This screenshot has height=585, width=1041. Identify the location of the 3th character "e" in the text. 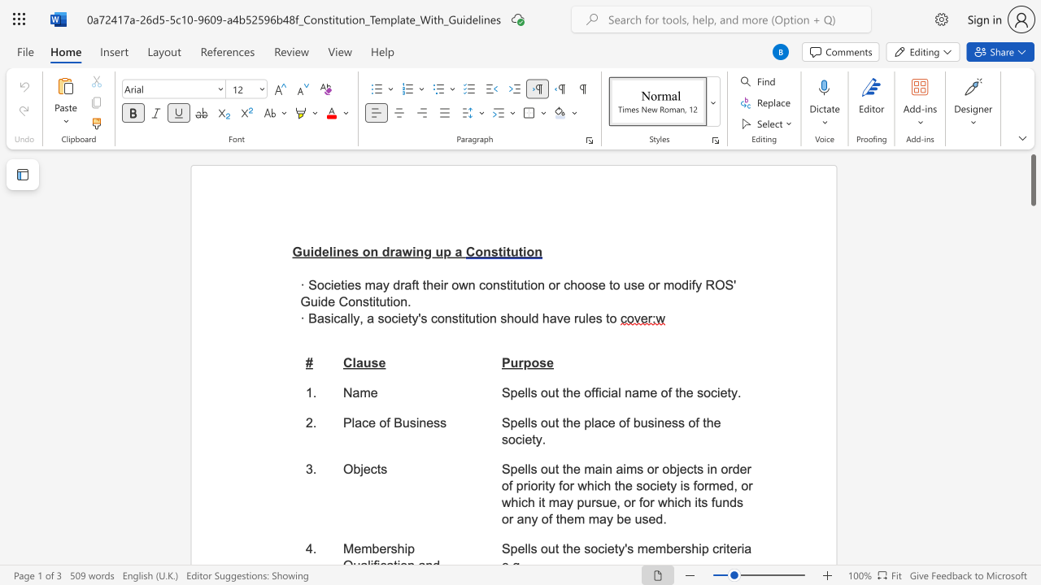
(611, 422).